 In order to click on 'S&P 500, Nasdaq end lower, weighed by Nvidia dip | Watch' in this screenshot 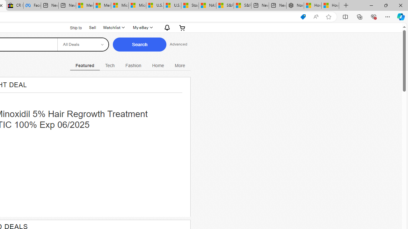, I will do `click(242, 5)`.